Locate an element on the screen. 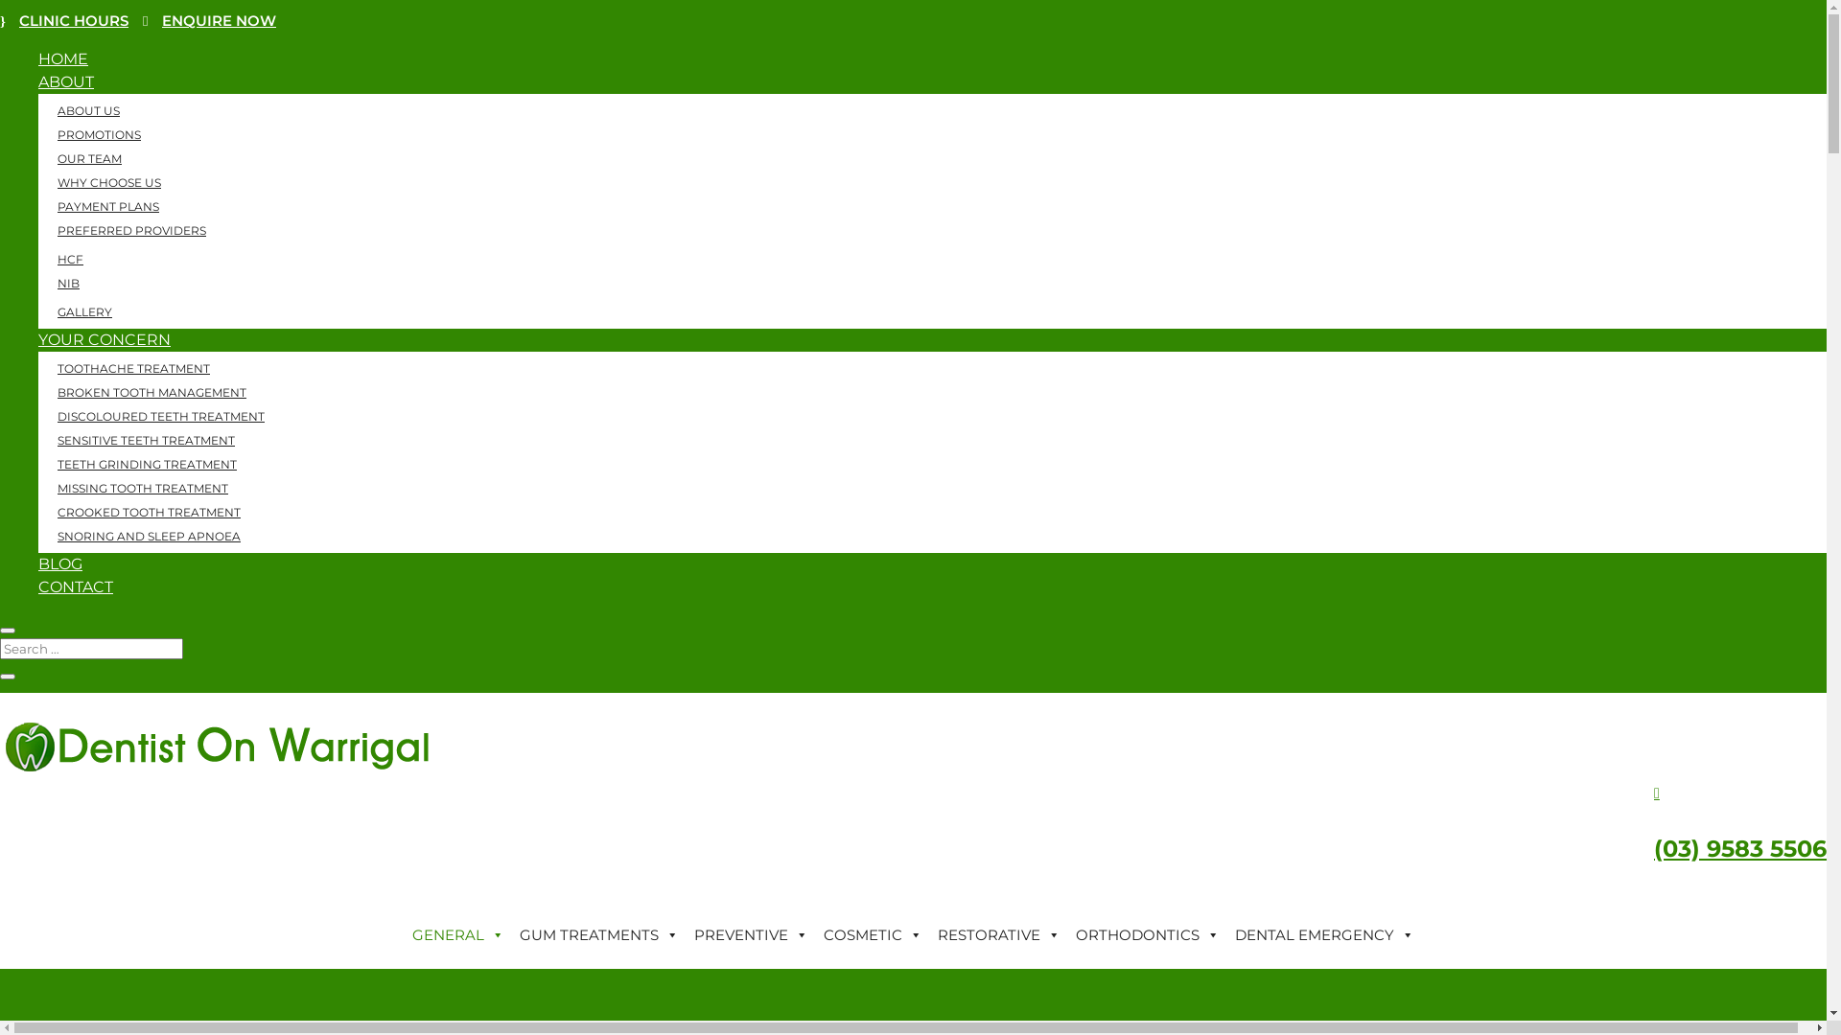 Image resolution: width=1841 pixels, height=1035 pixels. 'BLOG' is located at coordinates (59, 563).